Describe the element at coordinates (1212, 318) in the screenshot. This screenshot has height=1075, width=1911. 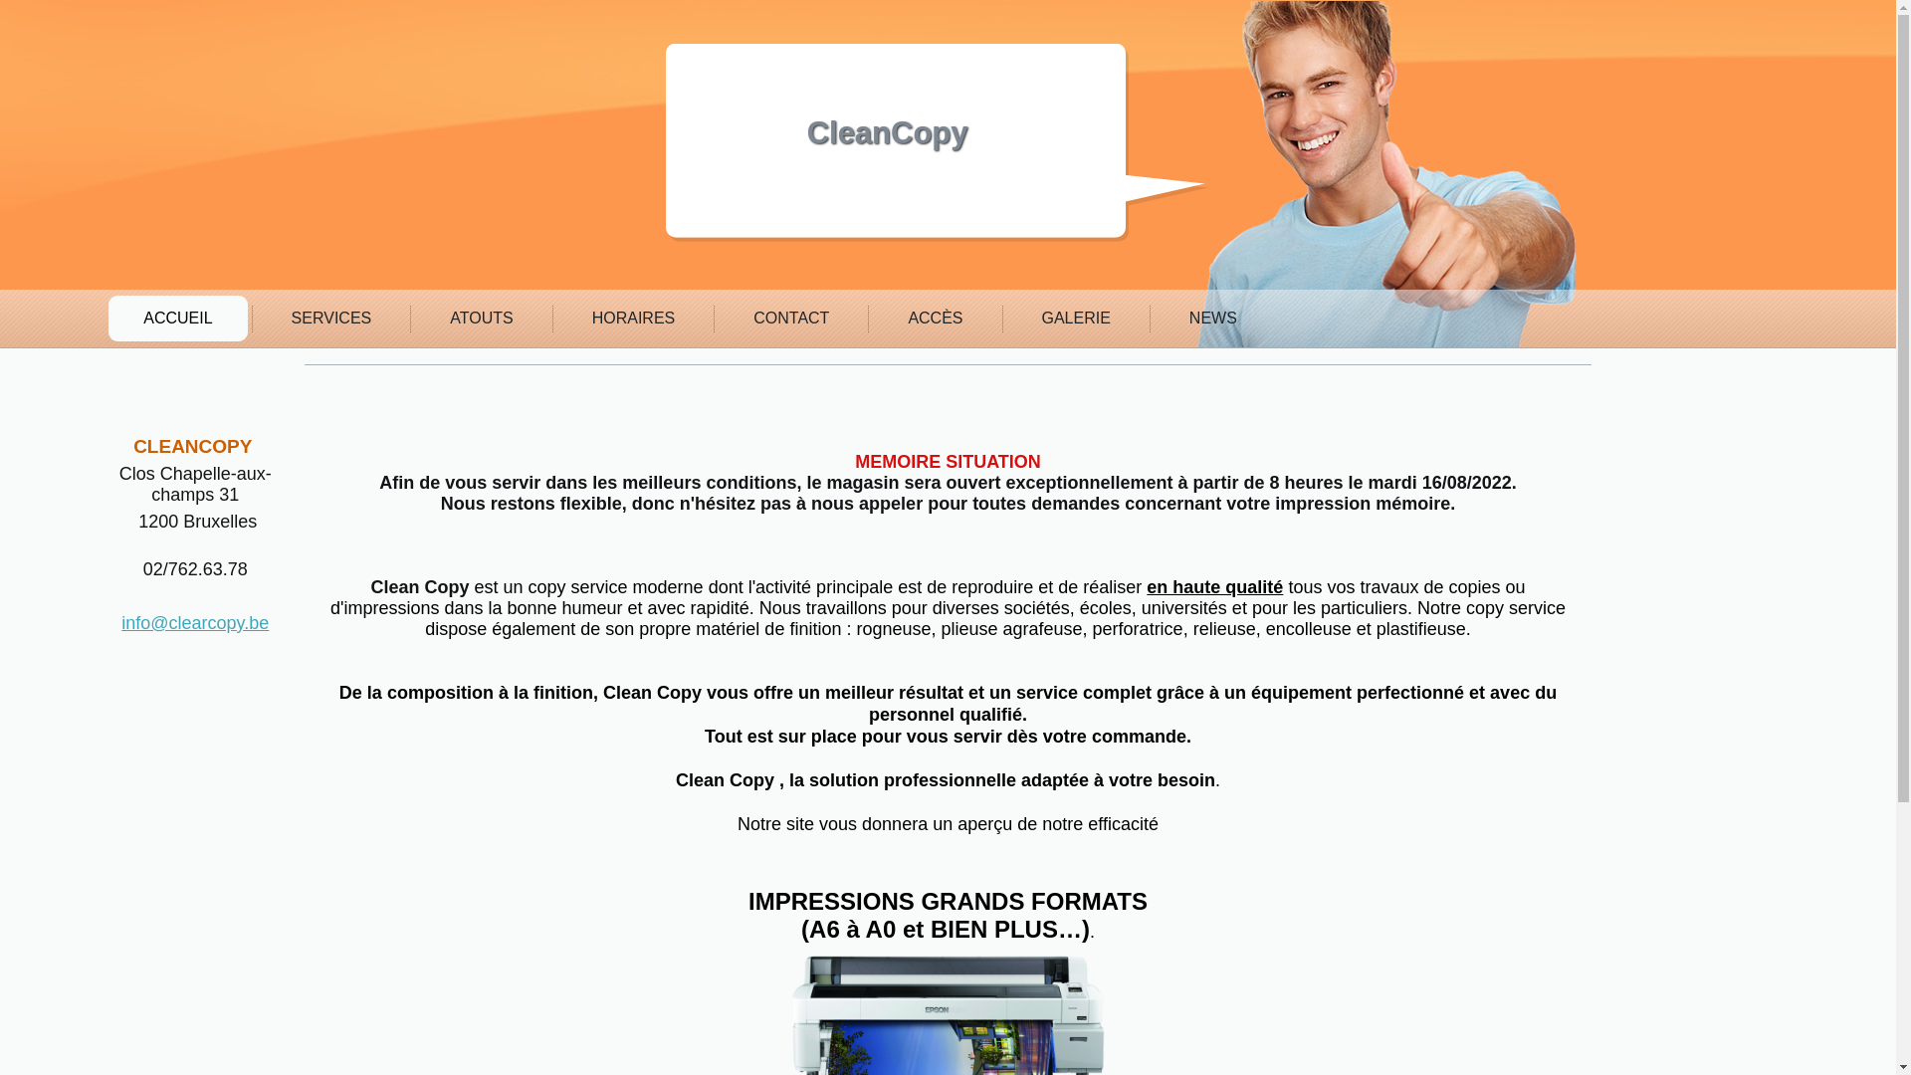
I see `'NEWS'` at that location.